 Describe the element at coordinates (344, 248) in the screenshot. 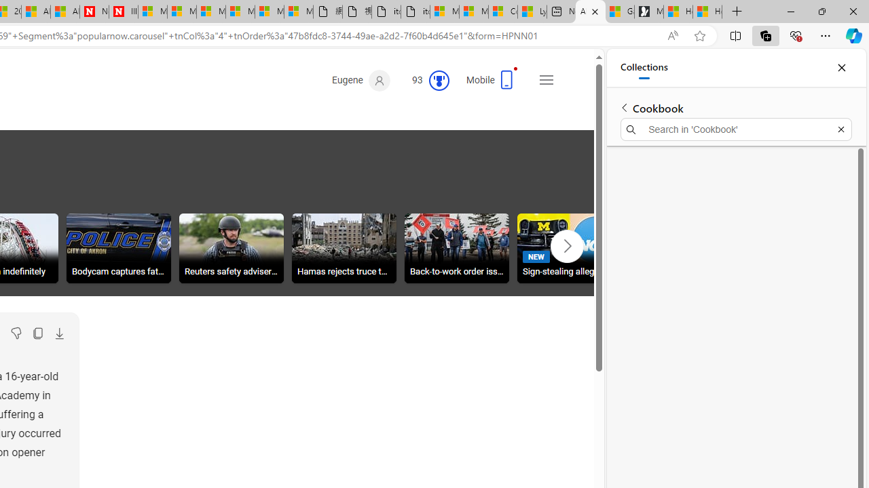

I see `'Hamas rejects truce terms'` at that location.